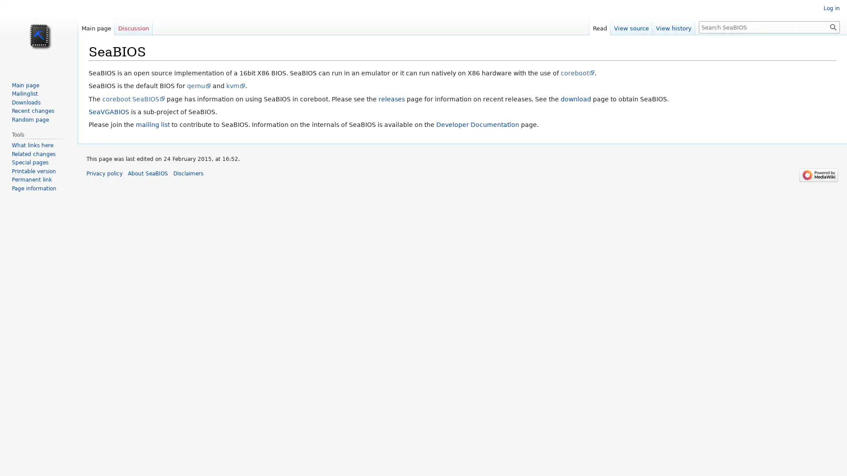  Describe the element at coordinates (833, 26) in the screenshot. I see `Go` at that location.